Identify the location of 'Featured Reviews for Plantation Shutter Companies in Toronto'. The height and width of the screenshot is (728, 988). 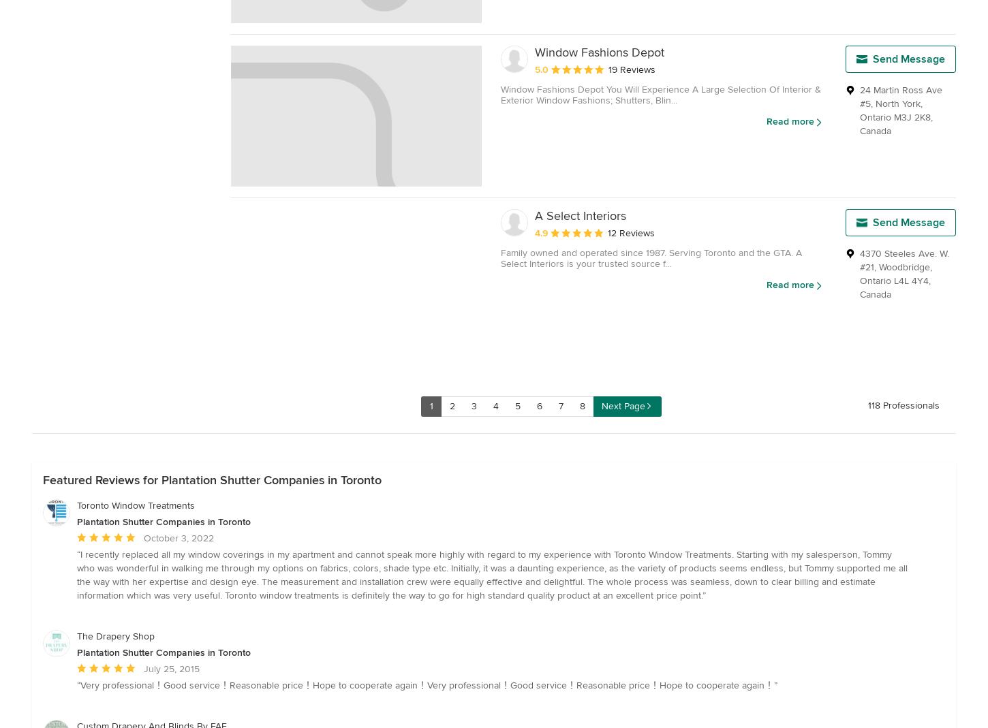
(212, 479).